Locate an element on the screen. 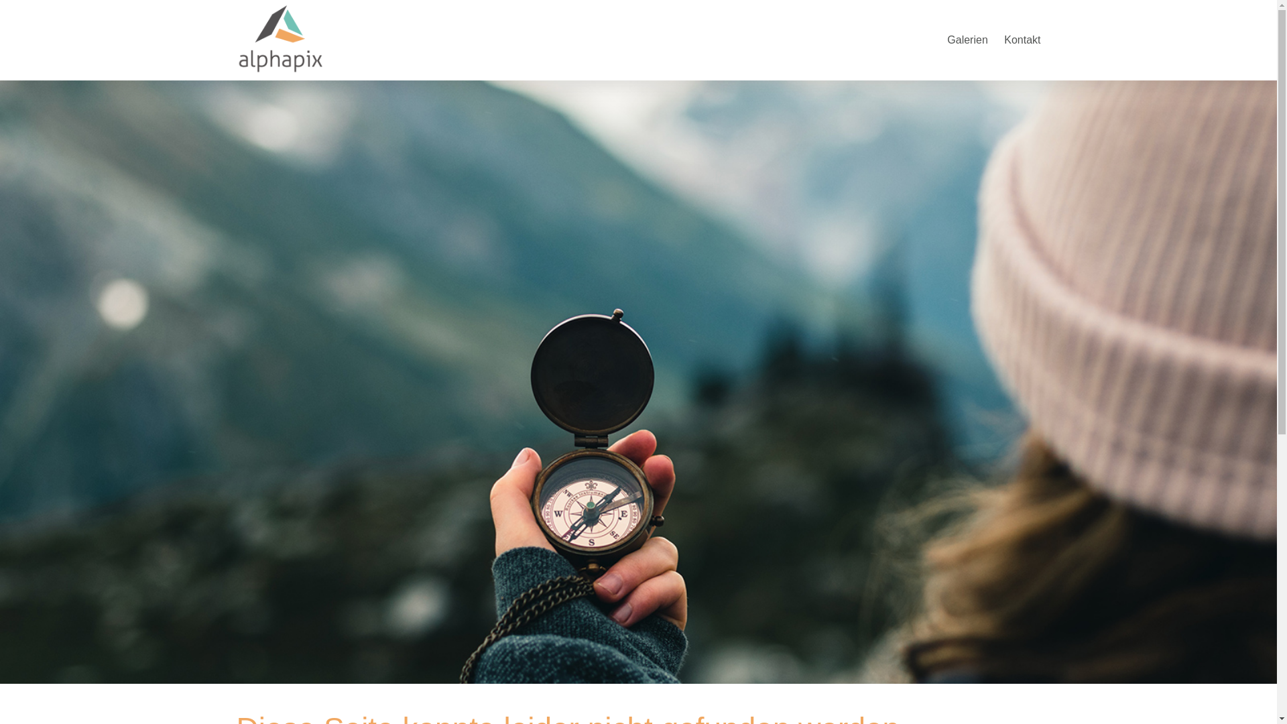  'Home' is located at coordinates (279, 72).